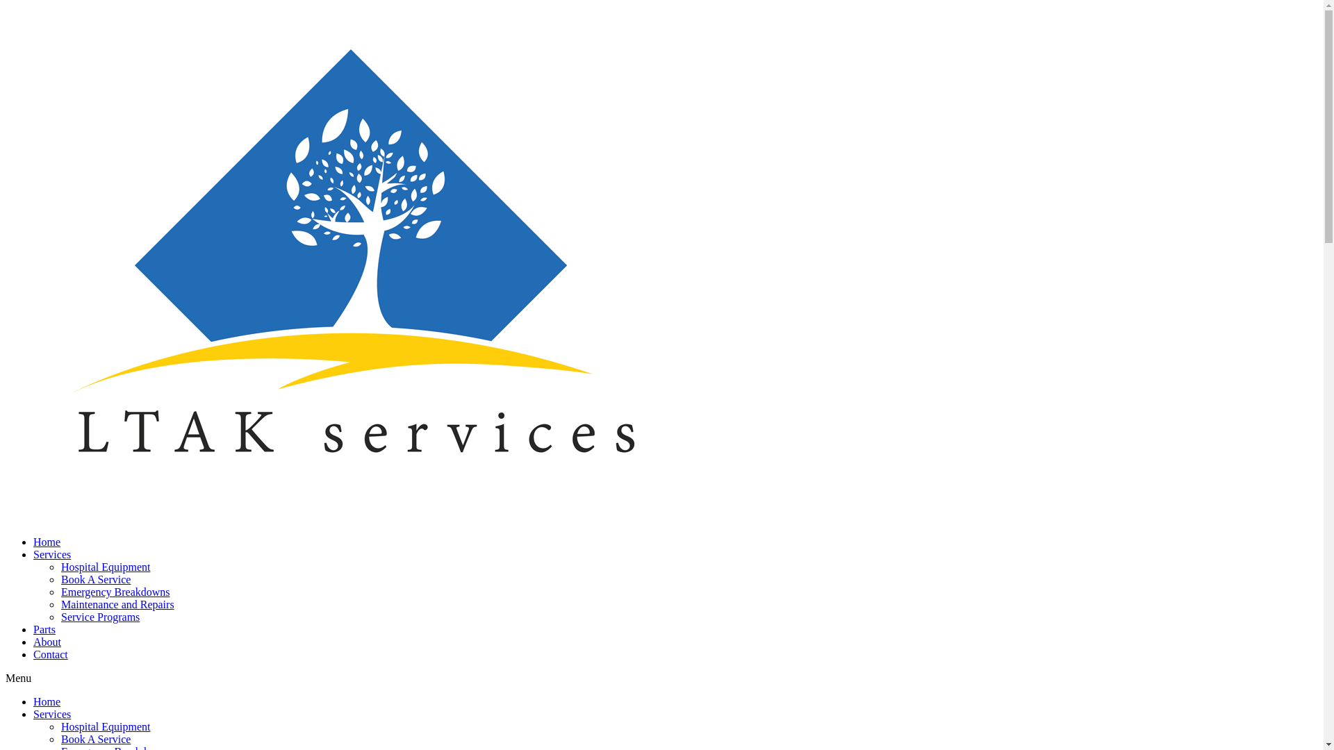  Describe the element at coordinates (105, 726) in the screenshot. I see `'Hospital Equipment'` at that location.